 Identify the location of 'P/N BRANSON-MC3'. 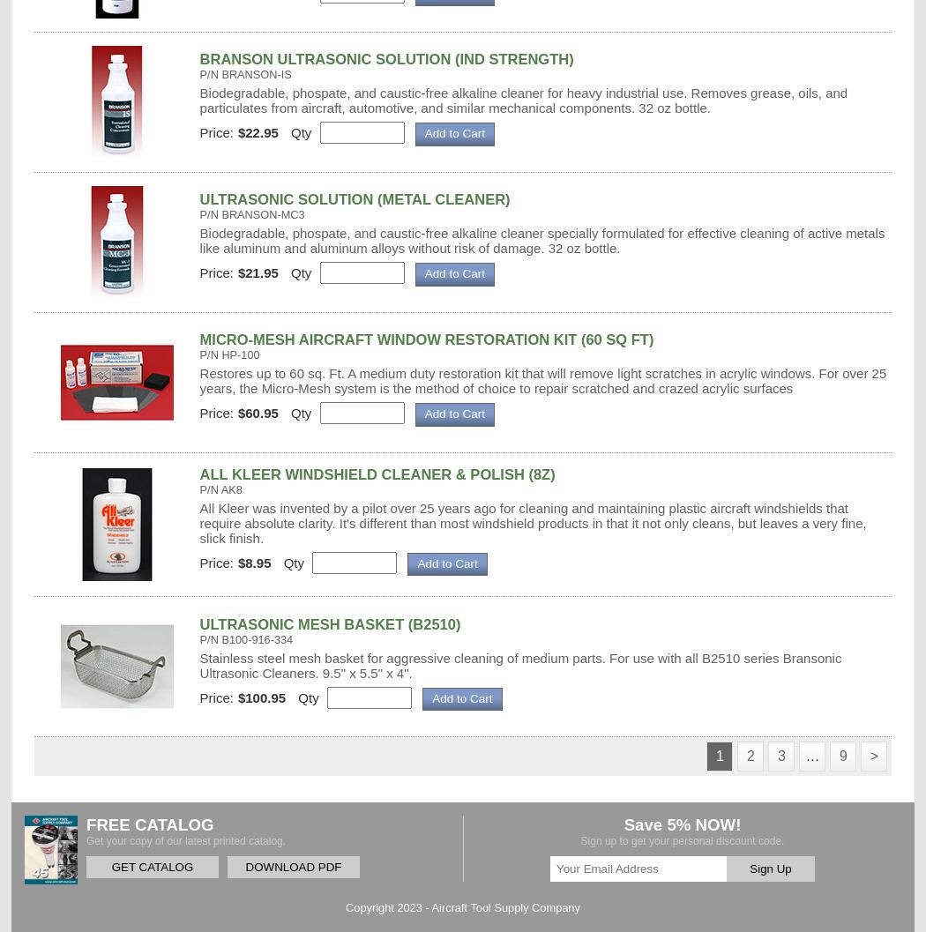
(250, 213).